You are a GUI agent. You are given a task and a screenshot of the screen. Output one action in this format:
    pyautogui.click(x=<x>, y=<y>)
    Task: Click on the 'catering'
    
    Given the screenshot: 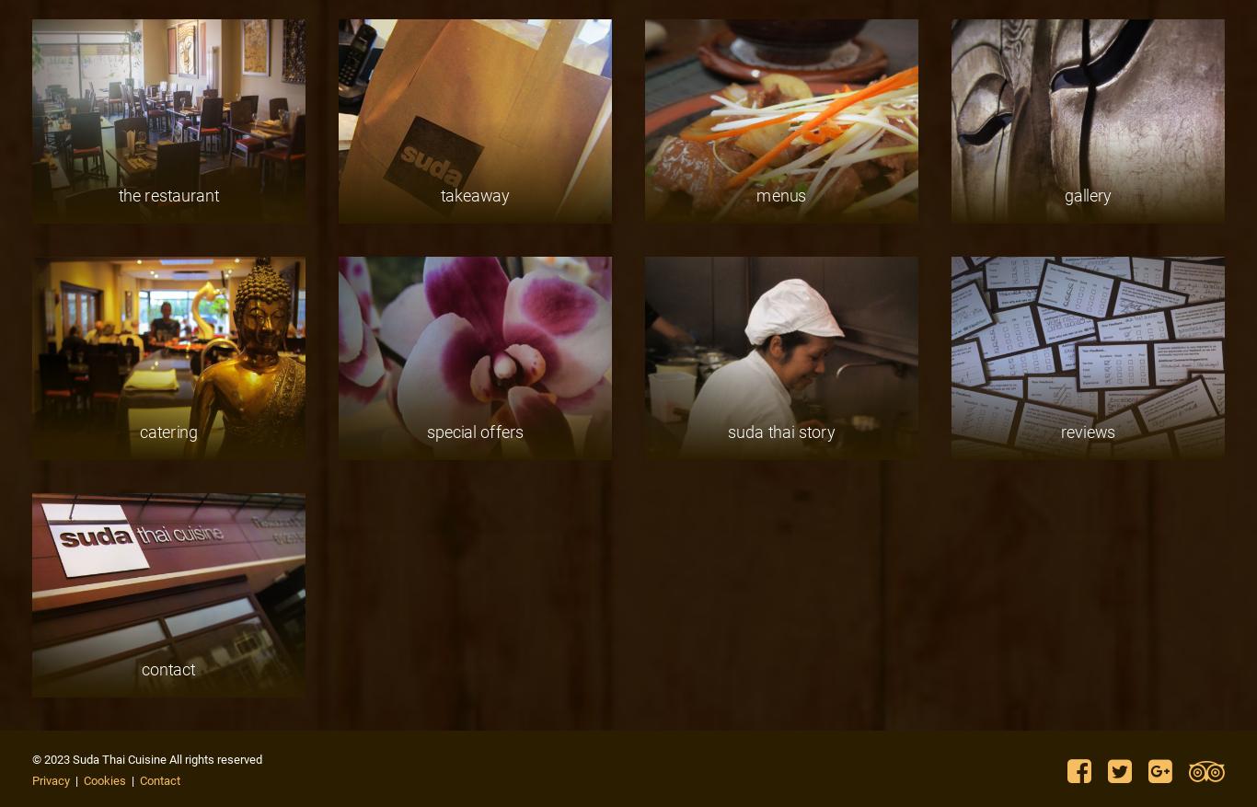 What is the action you would take?
    pyautogui.click(x=167, y=432)
    